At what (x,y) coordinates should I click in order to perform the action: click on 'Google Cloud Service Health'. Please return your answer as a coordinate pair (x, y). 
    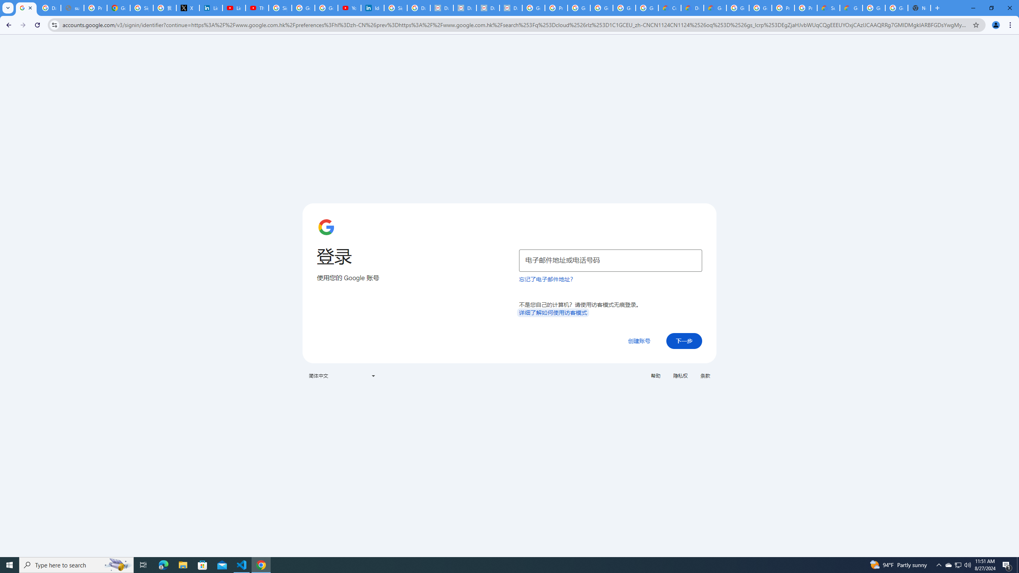
    Looking at the image, I should click on (851, 8).